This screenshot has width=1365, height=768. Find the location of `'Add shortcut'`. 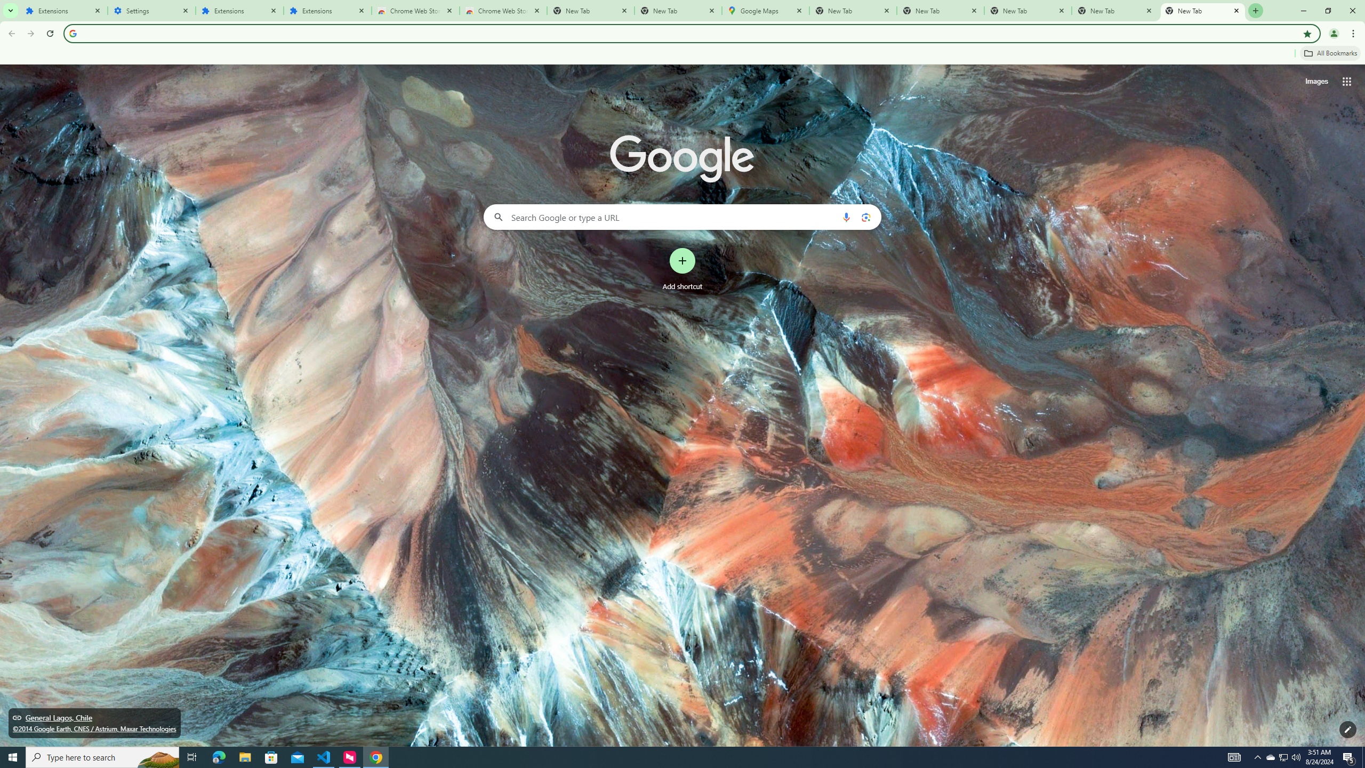

'Add shortcut' is located at coordinates (682, 269).